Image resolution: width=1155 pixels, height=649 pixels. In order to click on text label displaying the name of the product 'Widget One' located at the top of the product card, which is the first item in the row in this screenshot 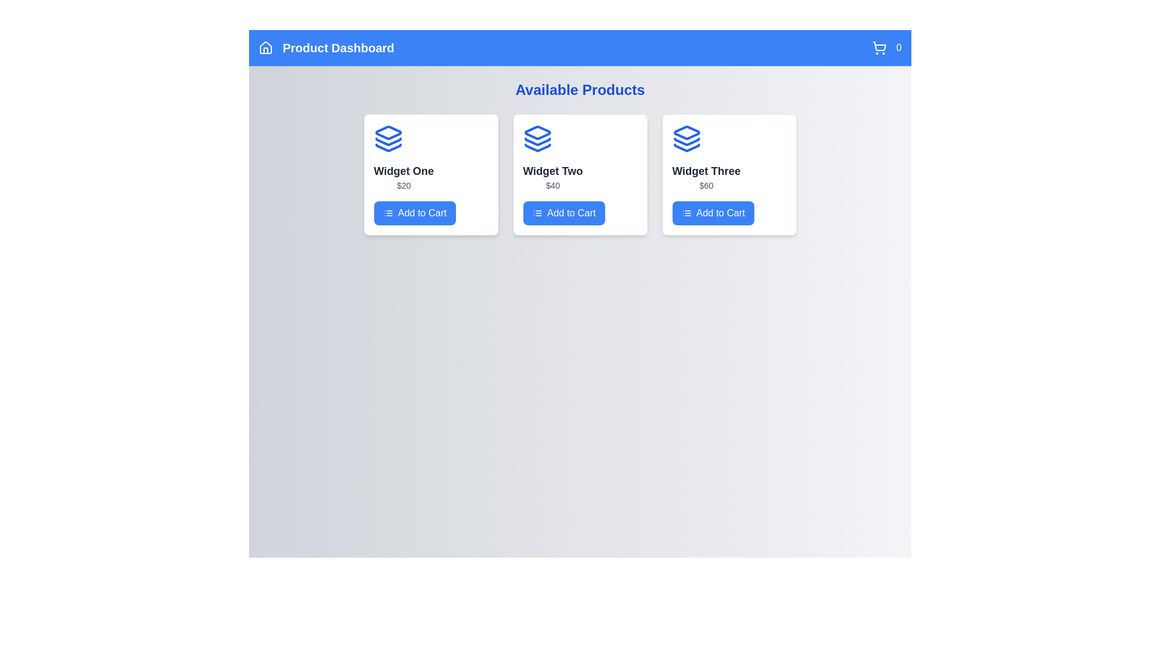, I will do `click(404, 171)`.